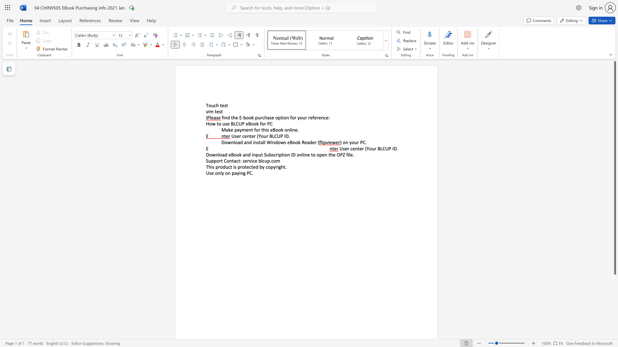 This screenshot has height=347, width=618. I want to click on the 1th character "W" in the text, so click(269, 142).